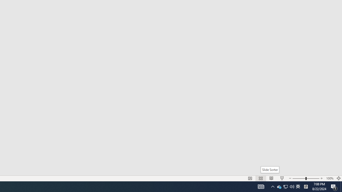  Describe the element at coordinates (329, 178) in the screenshot. I see `'Zoom 100%'` at that location.